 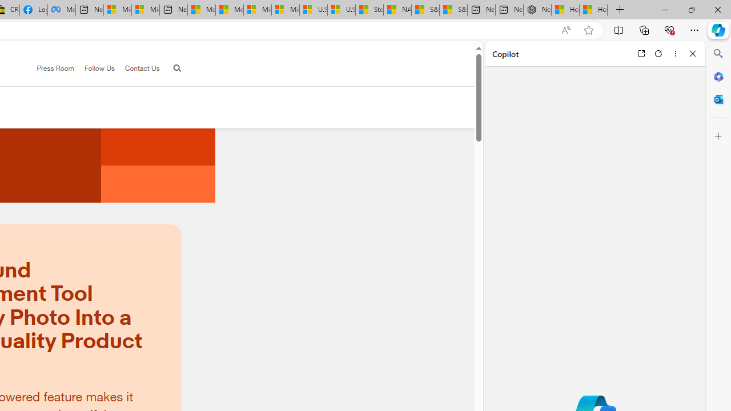 What do you see at coordinates (675, 53) in the screenshot?
I see `'More options'` at bounding box center [675, 53].